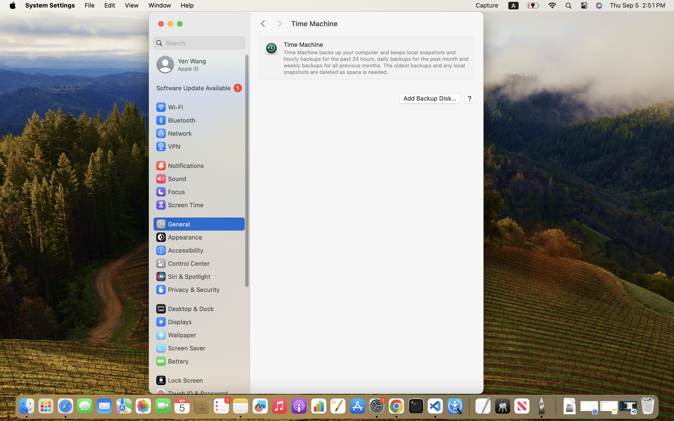 Image resolution: width=674 pixels, height=421 pixels. Describe the element at coordinates (171, 178) in the screenshot. I see `'Sound'` at that location.